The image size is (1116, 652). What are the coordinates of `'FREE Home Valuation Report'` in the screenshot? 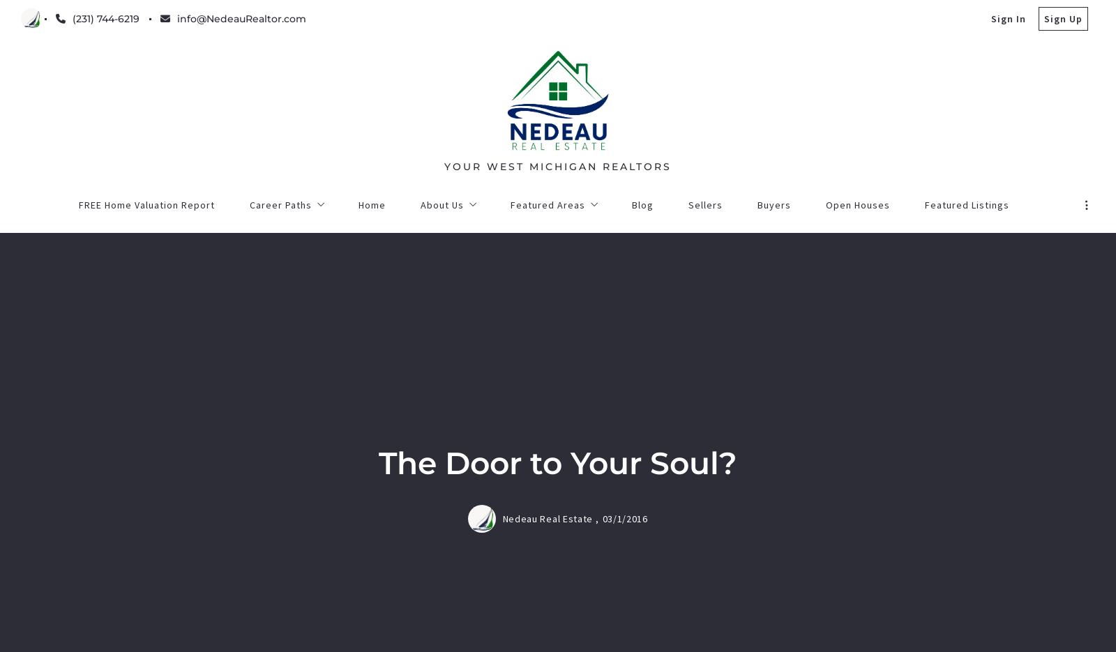 It's located at (414, 537).